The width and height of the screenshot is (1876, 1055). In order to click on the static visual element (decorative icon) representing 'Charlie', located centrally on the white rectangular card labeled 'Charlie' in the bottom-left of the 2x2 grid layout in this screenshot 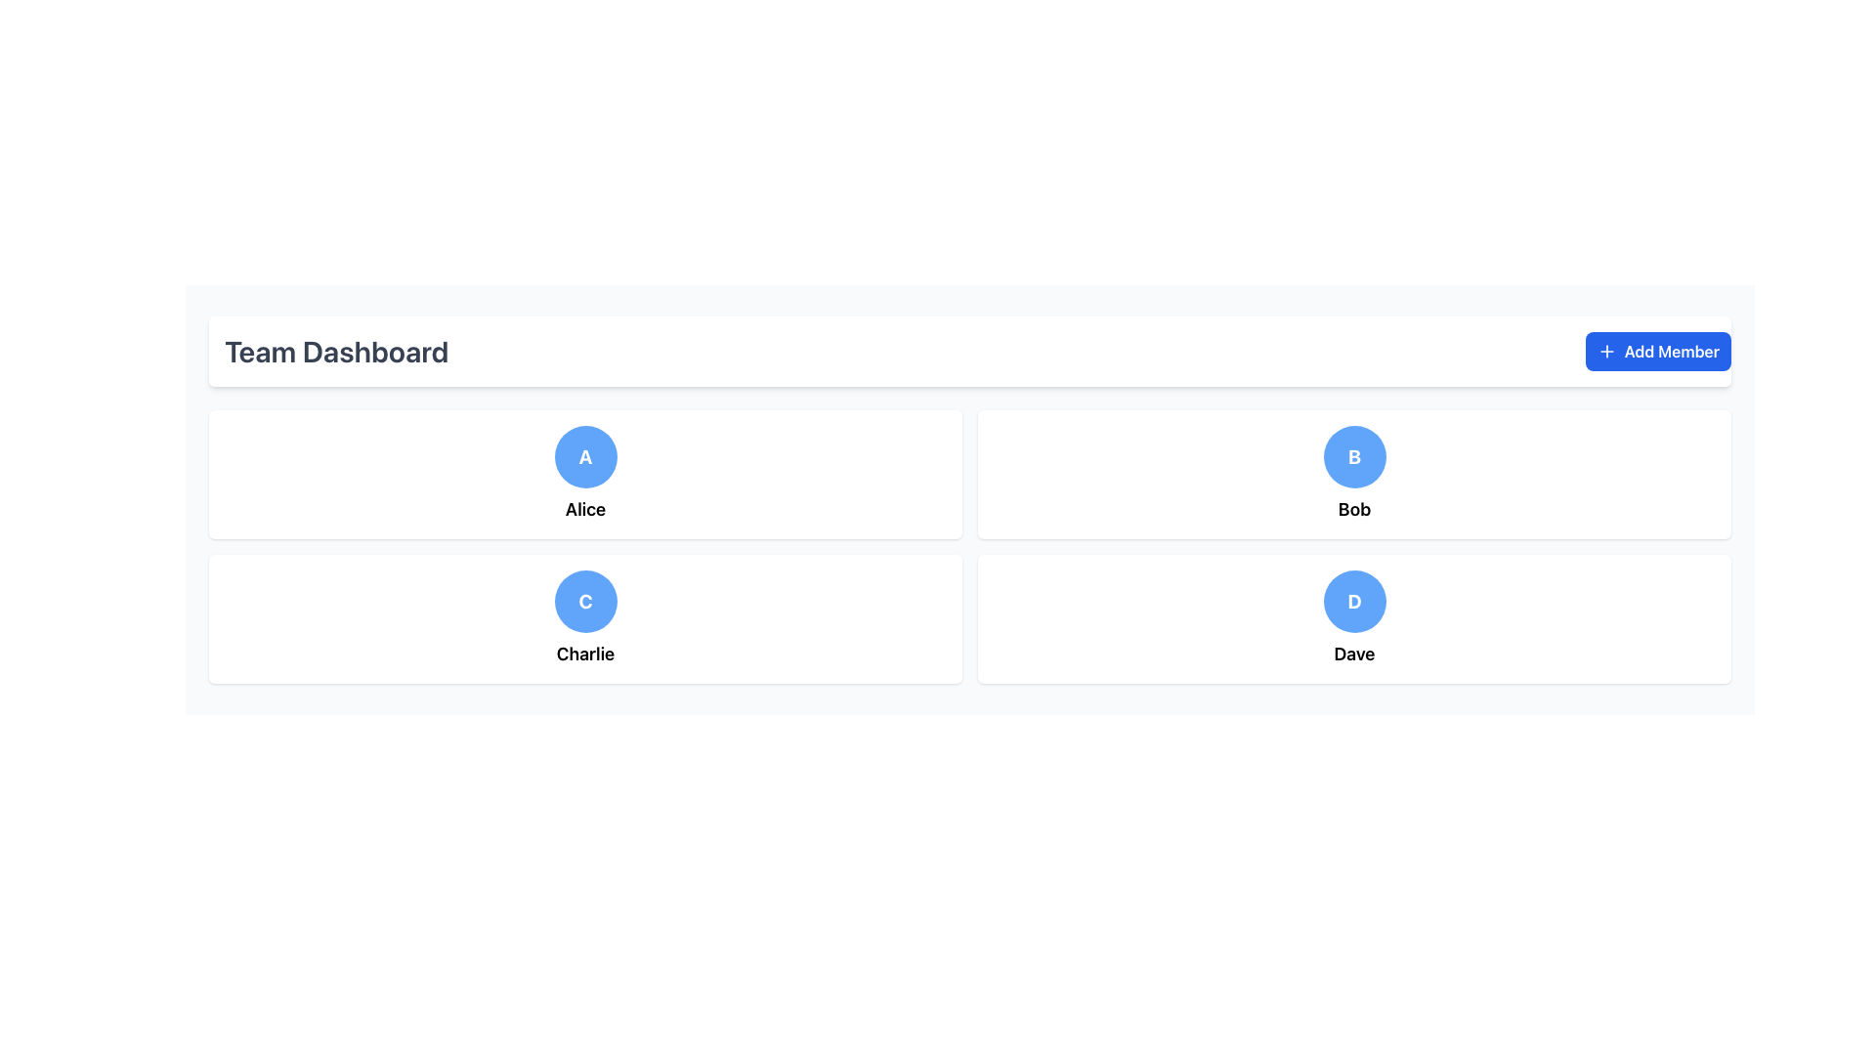, I will do `click(584, 601)`.